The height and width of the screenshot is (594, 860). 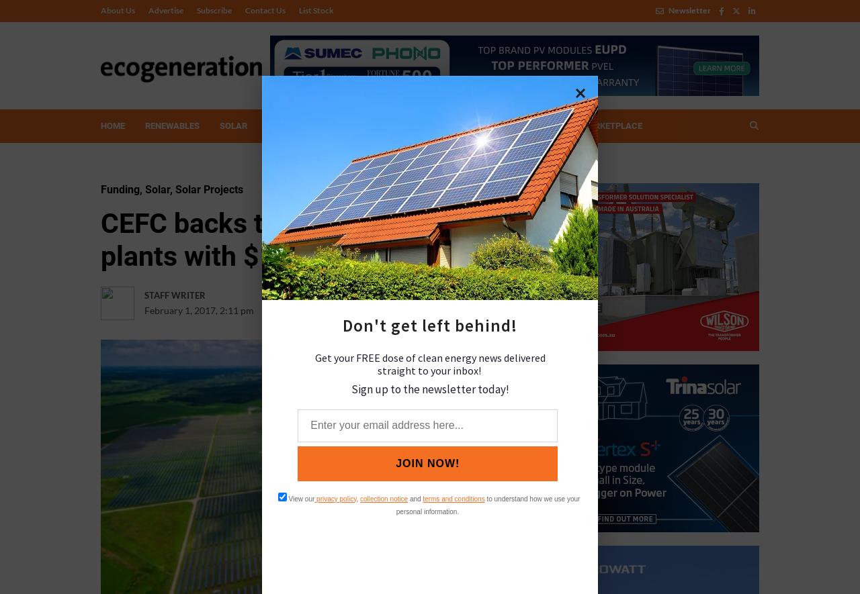 I want to click on 'Staff Writer', so click(x=174, y=294).